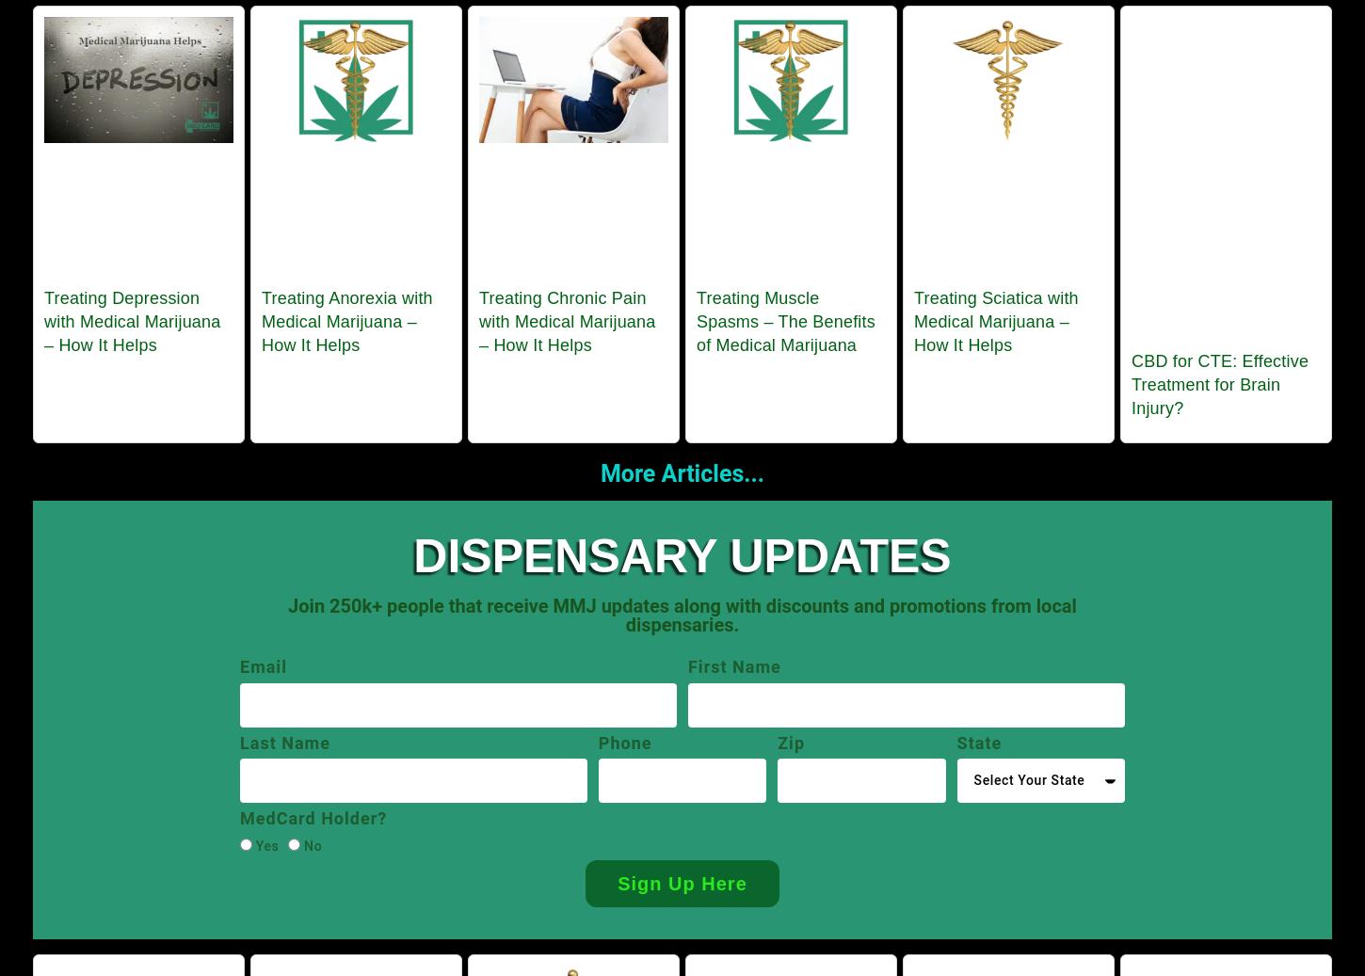 This screenshot has width=1365, height=976. Describe the element at coordinates (240, 742) in the screenshot. I see `'Last Name'` at that location.